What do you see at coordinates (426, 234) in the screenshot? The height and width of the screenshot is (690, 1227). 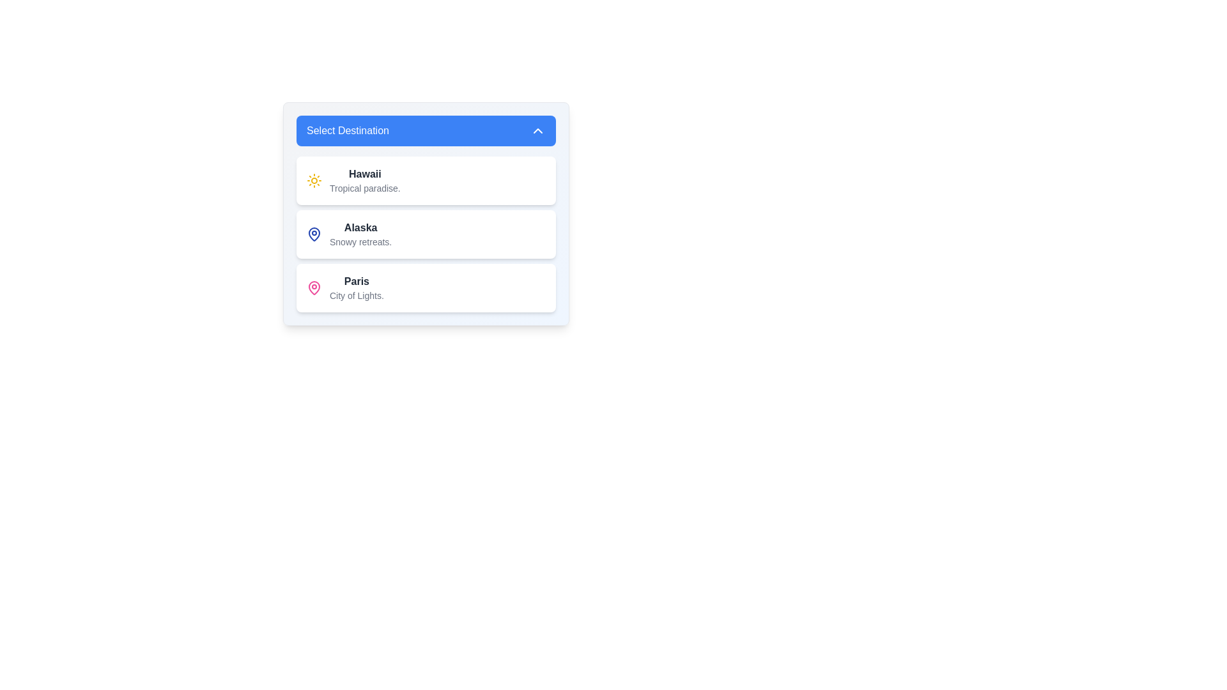 I see `the Option card titled 'Alaska' to navigate via keyboard. This card is the second item in a vertical list of selectable options, positioned between 'Hawaii' and 'Paris'` at bounding box center [426, 234].